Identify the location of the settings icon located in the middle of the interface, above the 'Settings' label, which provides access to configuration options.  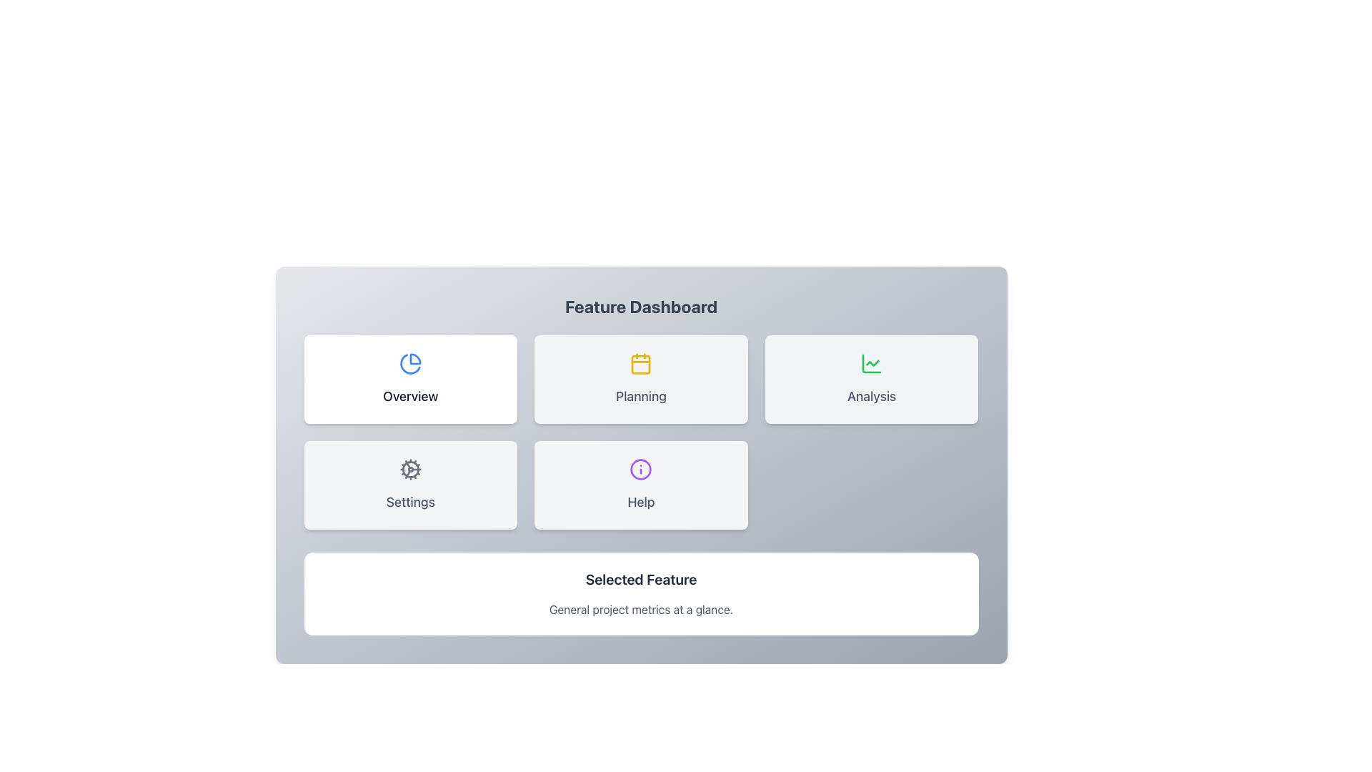
(409, 469).